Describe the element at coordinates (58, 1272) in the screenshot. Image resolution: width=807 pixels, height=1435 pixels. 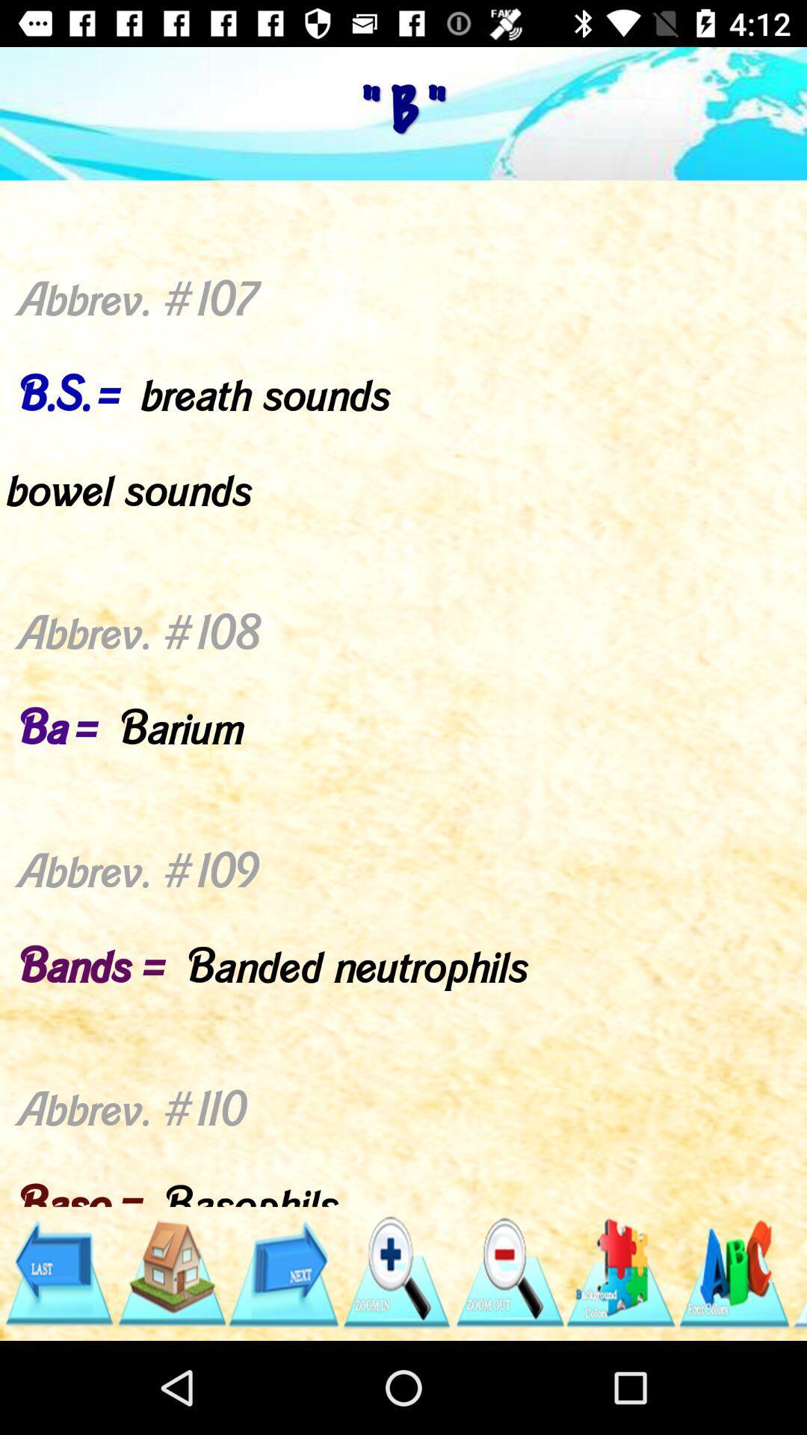
I see `back` at that location.